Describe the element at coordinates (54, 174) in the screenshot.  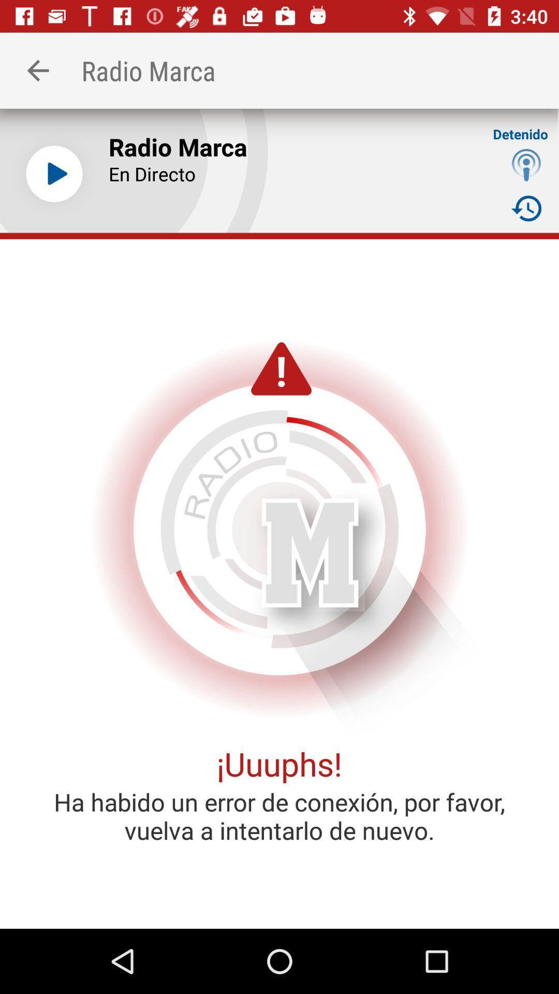
I see `play` at that location.